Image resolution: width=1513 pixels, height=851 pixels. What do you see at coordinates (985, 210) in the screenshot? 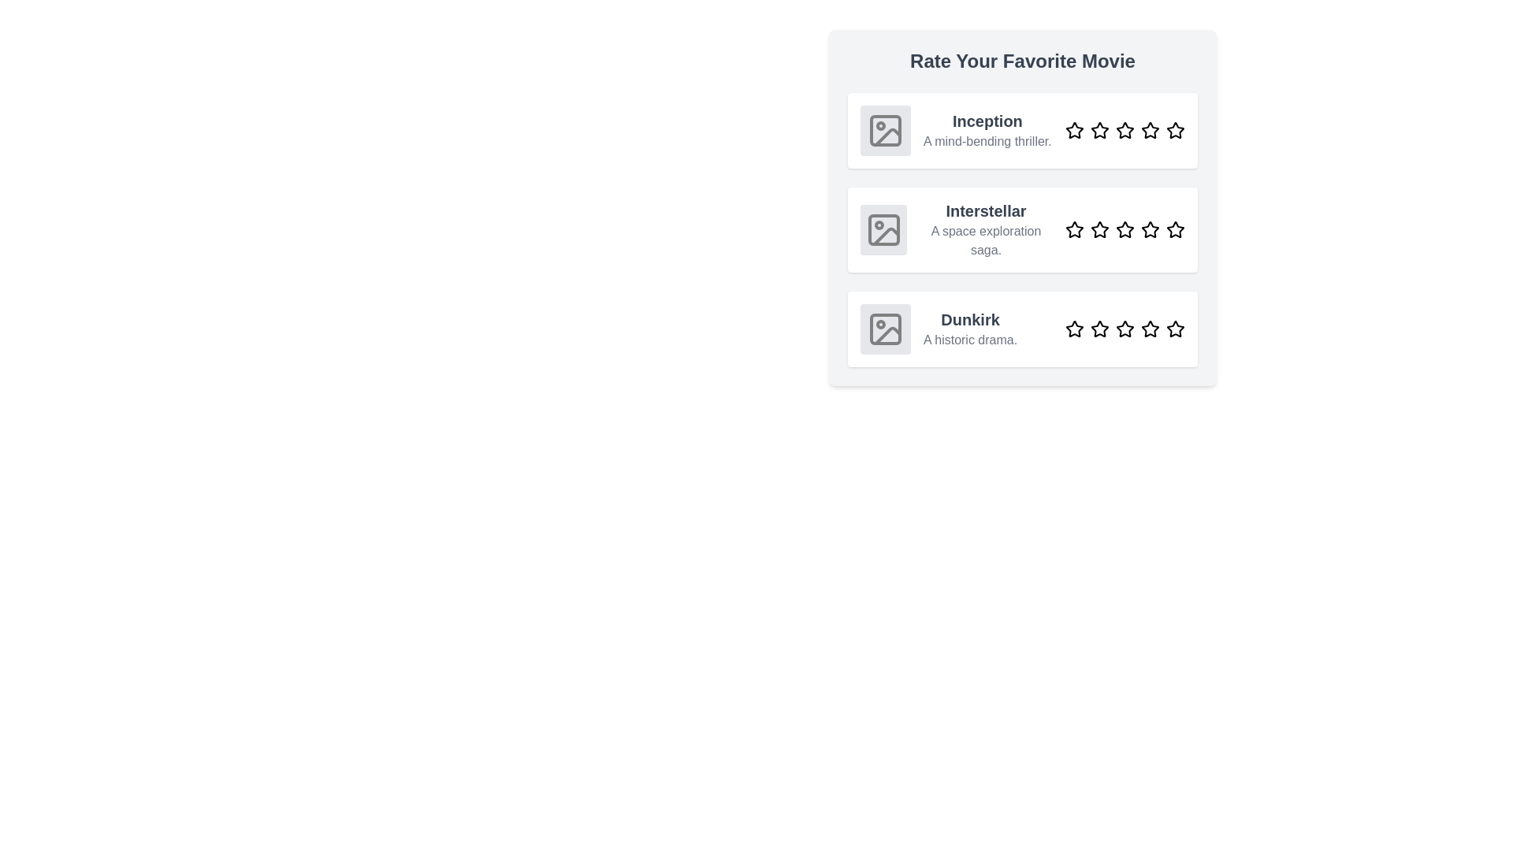
I see `the text label representing a movie name in the rating interface located under 'Rate Your Favorite Movie' and above the description 'A space exploration saga.'` at bounding box center [985, 210].